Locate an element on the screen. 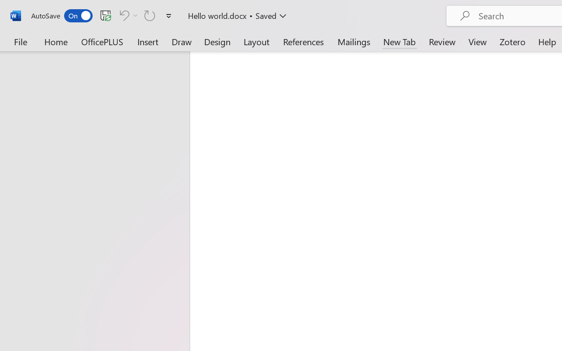 The image size is (562, 351). 'Can' is located at coordinates (127, 15).